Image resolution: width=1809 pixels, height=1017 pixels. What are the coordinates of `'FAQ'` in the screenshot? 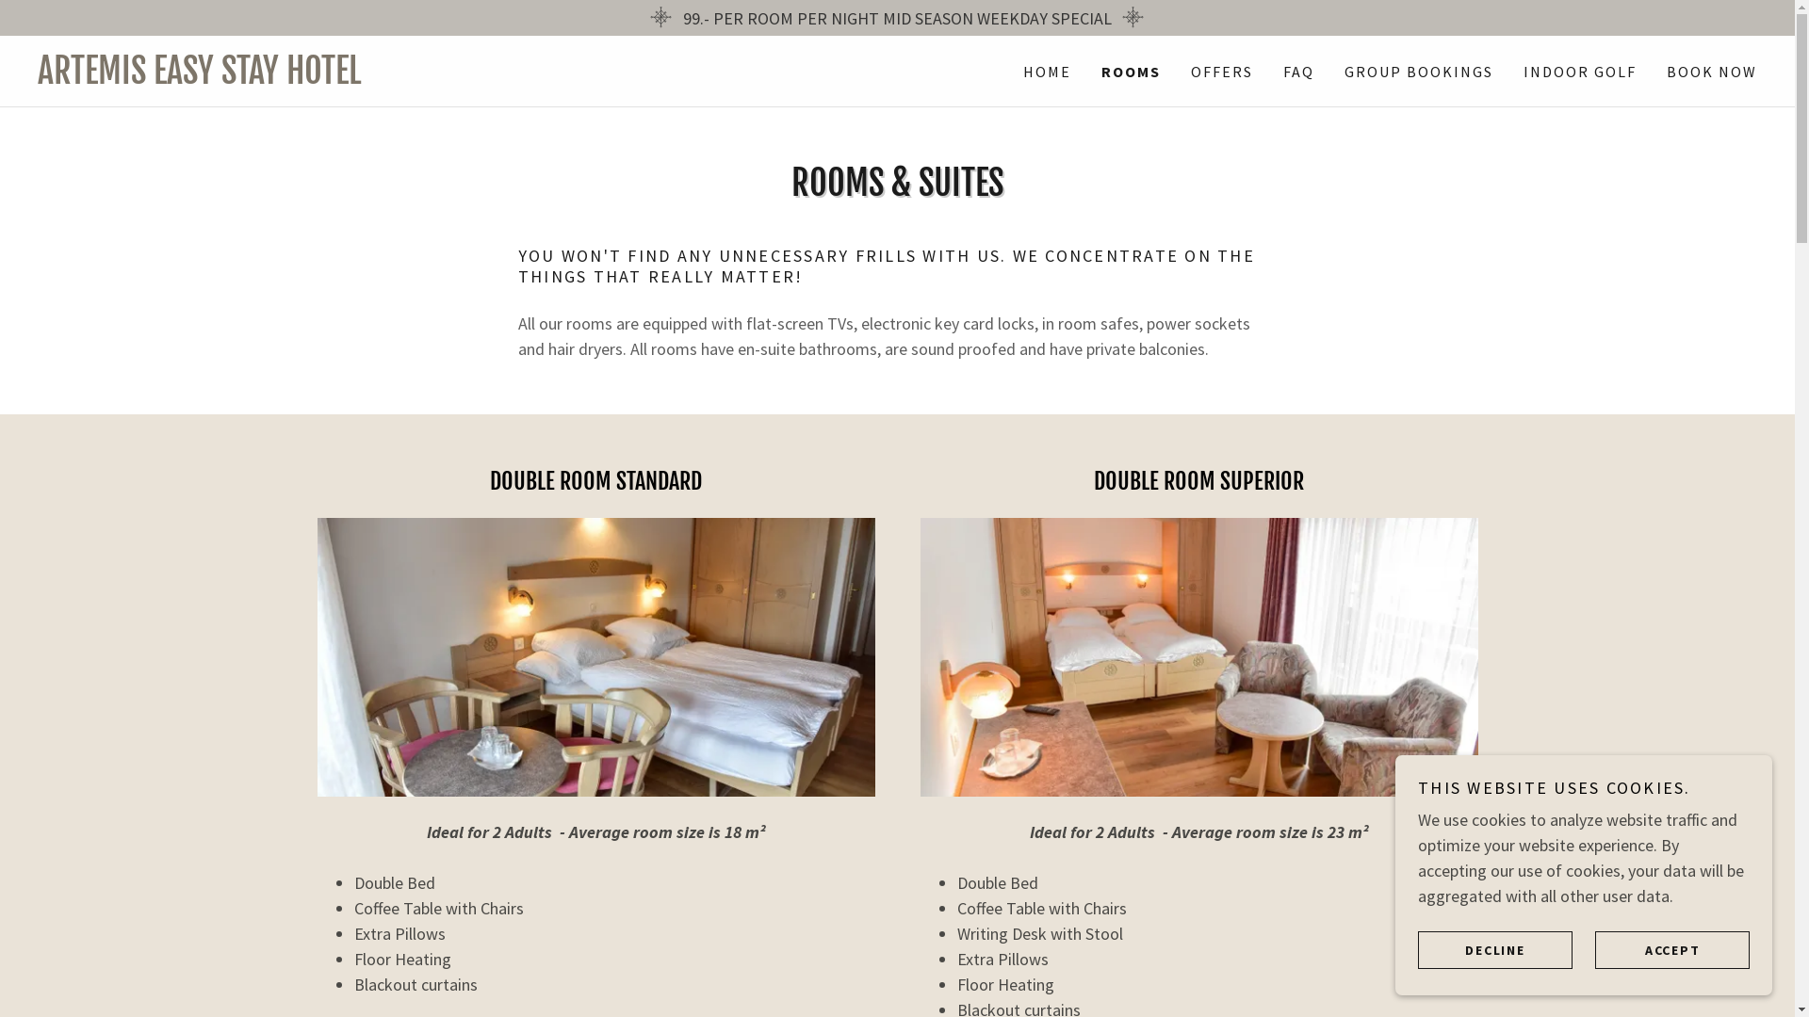 It's located at (1278, 71).